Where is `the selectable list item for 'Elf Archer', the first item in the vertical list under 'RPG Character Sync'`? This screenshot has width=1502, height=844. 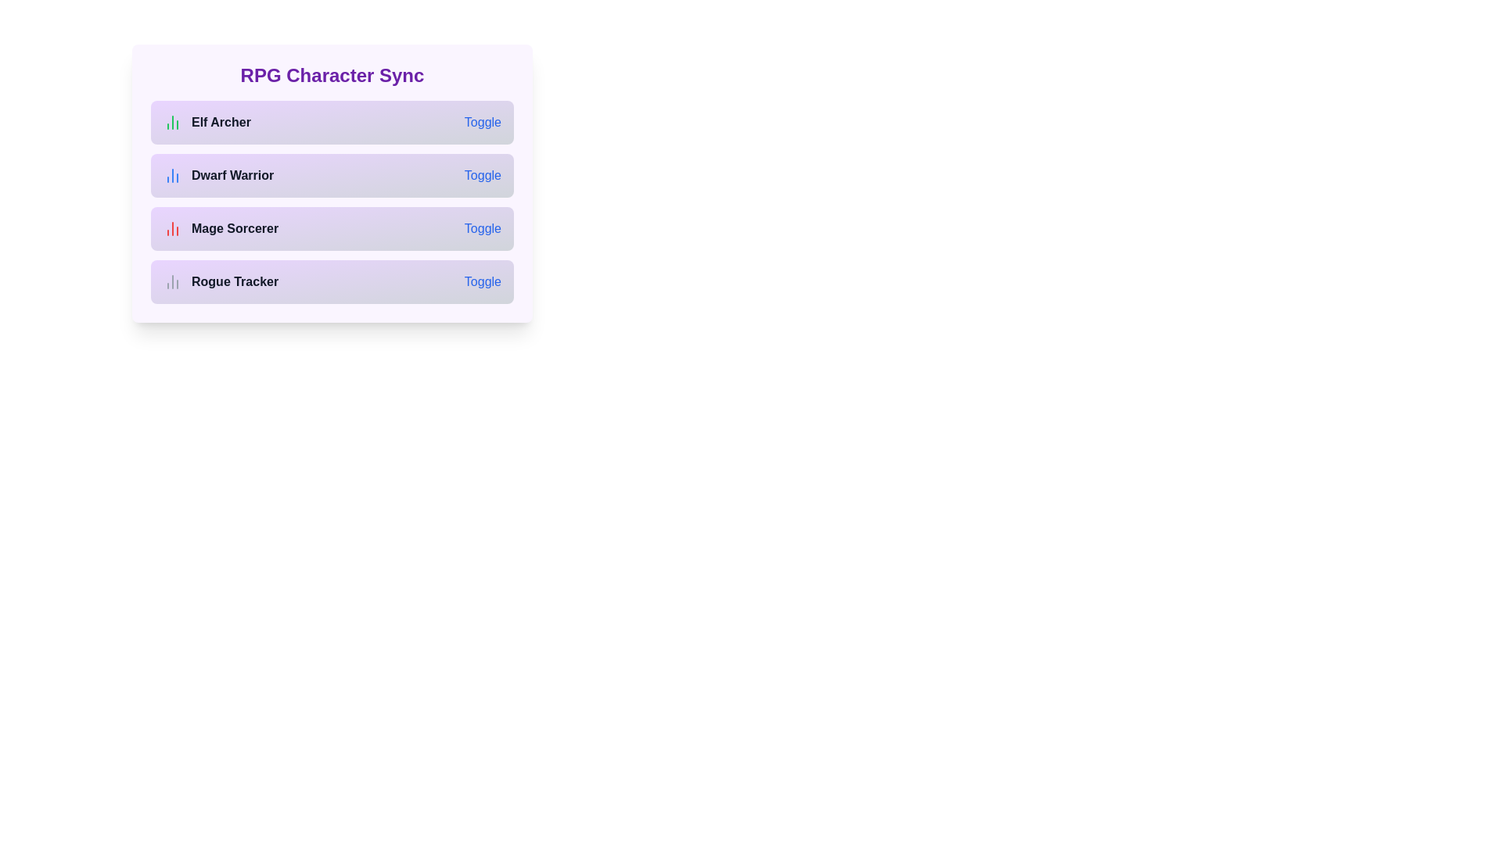
the selectable list item for 'Elf Archer', the first item in the vertical list under 'RPG Character Sync' is located at coordinates (332, 122).